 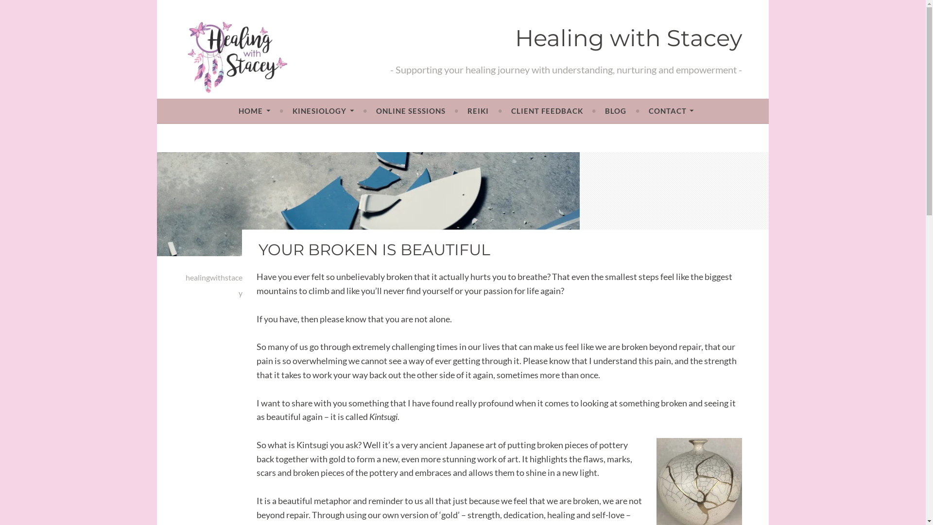 What do you see at coordinates (604, 110) in the screenshot?
I see `'BLOG'` at bounding box center [604, 110].